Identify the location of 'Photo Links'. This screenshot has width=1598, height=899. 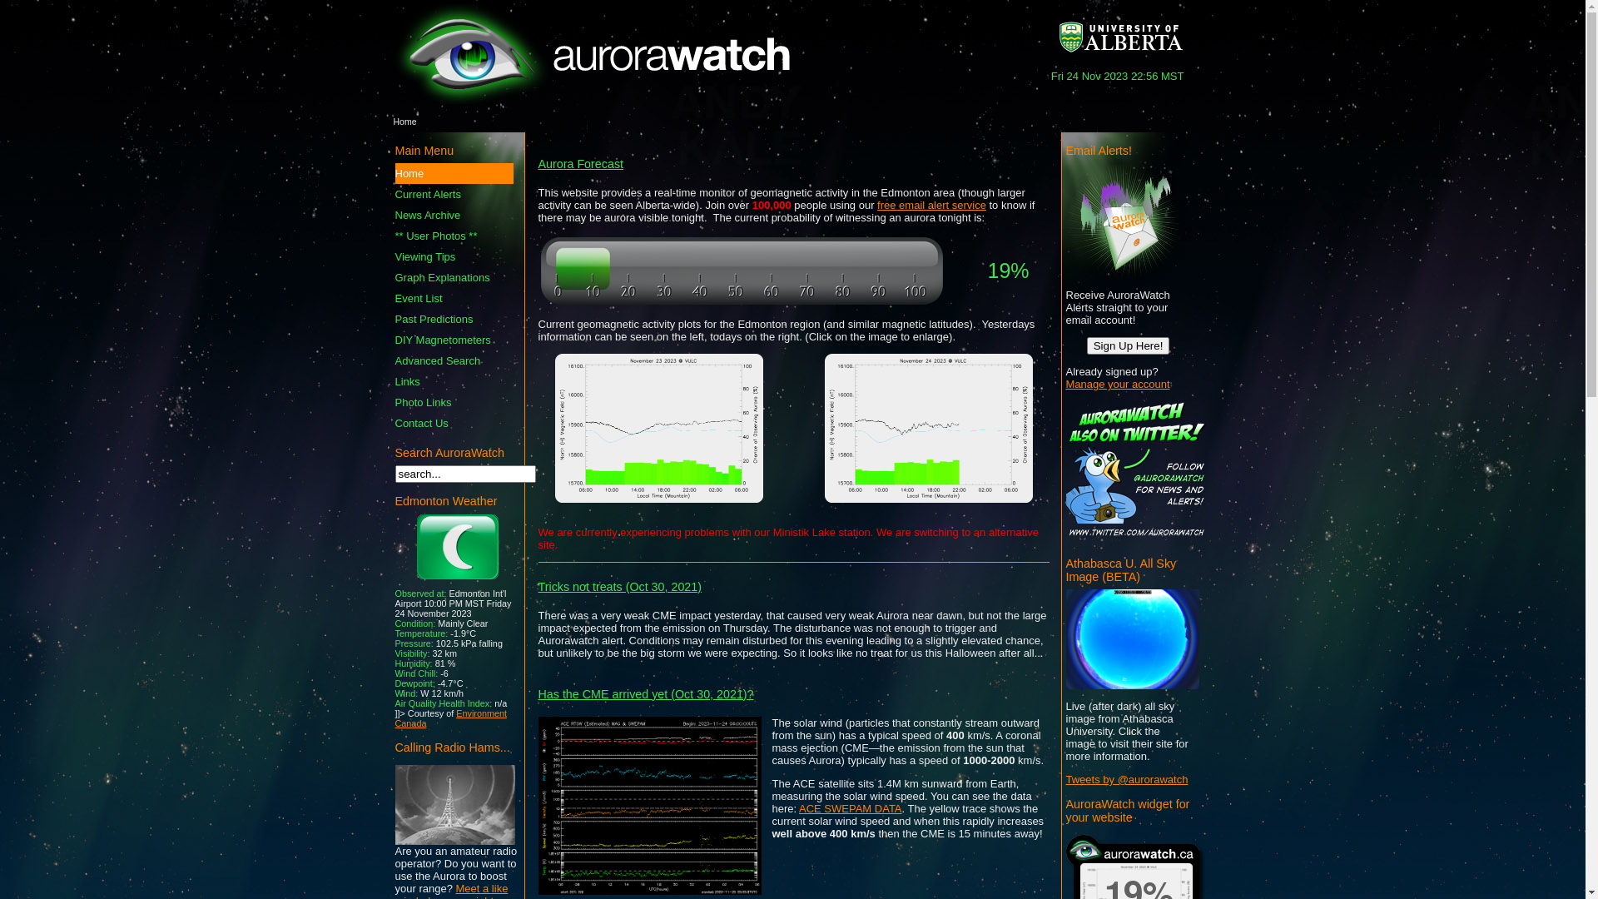
(454, 402).